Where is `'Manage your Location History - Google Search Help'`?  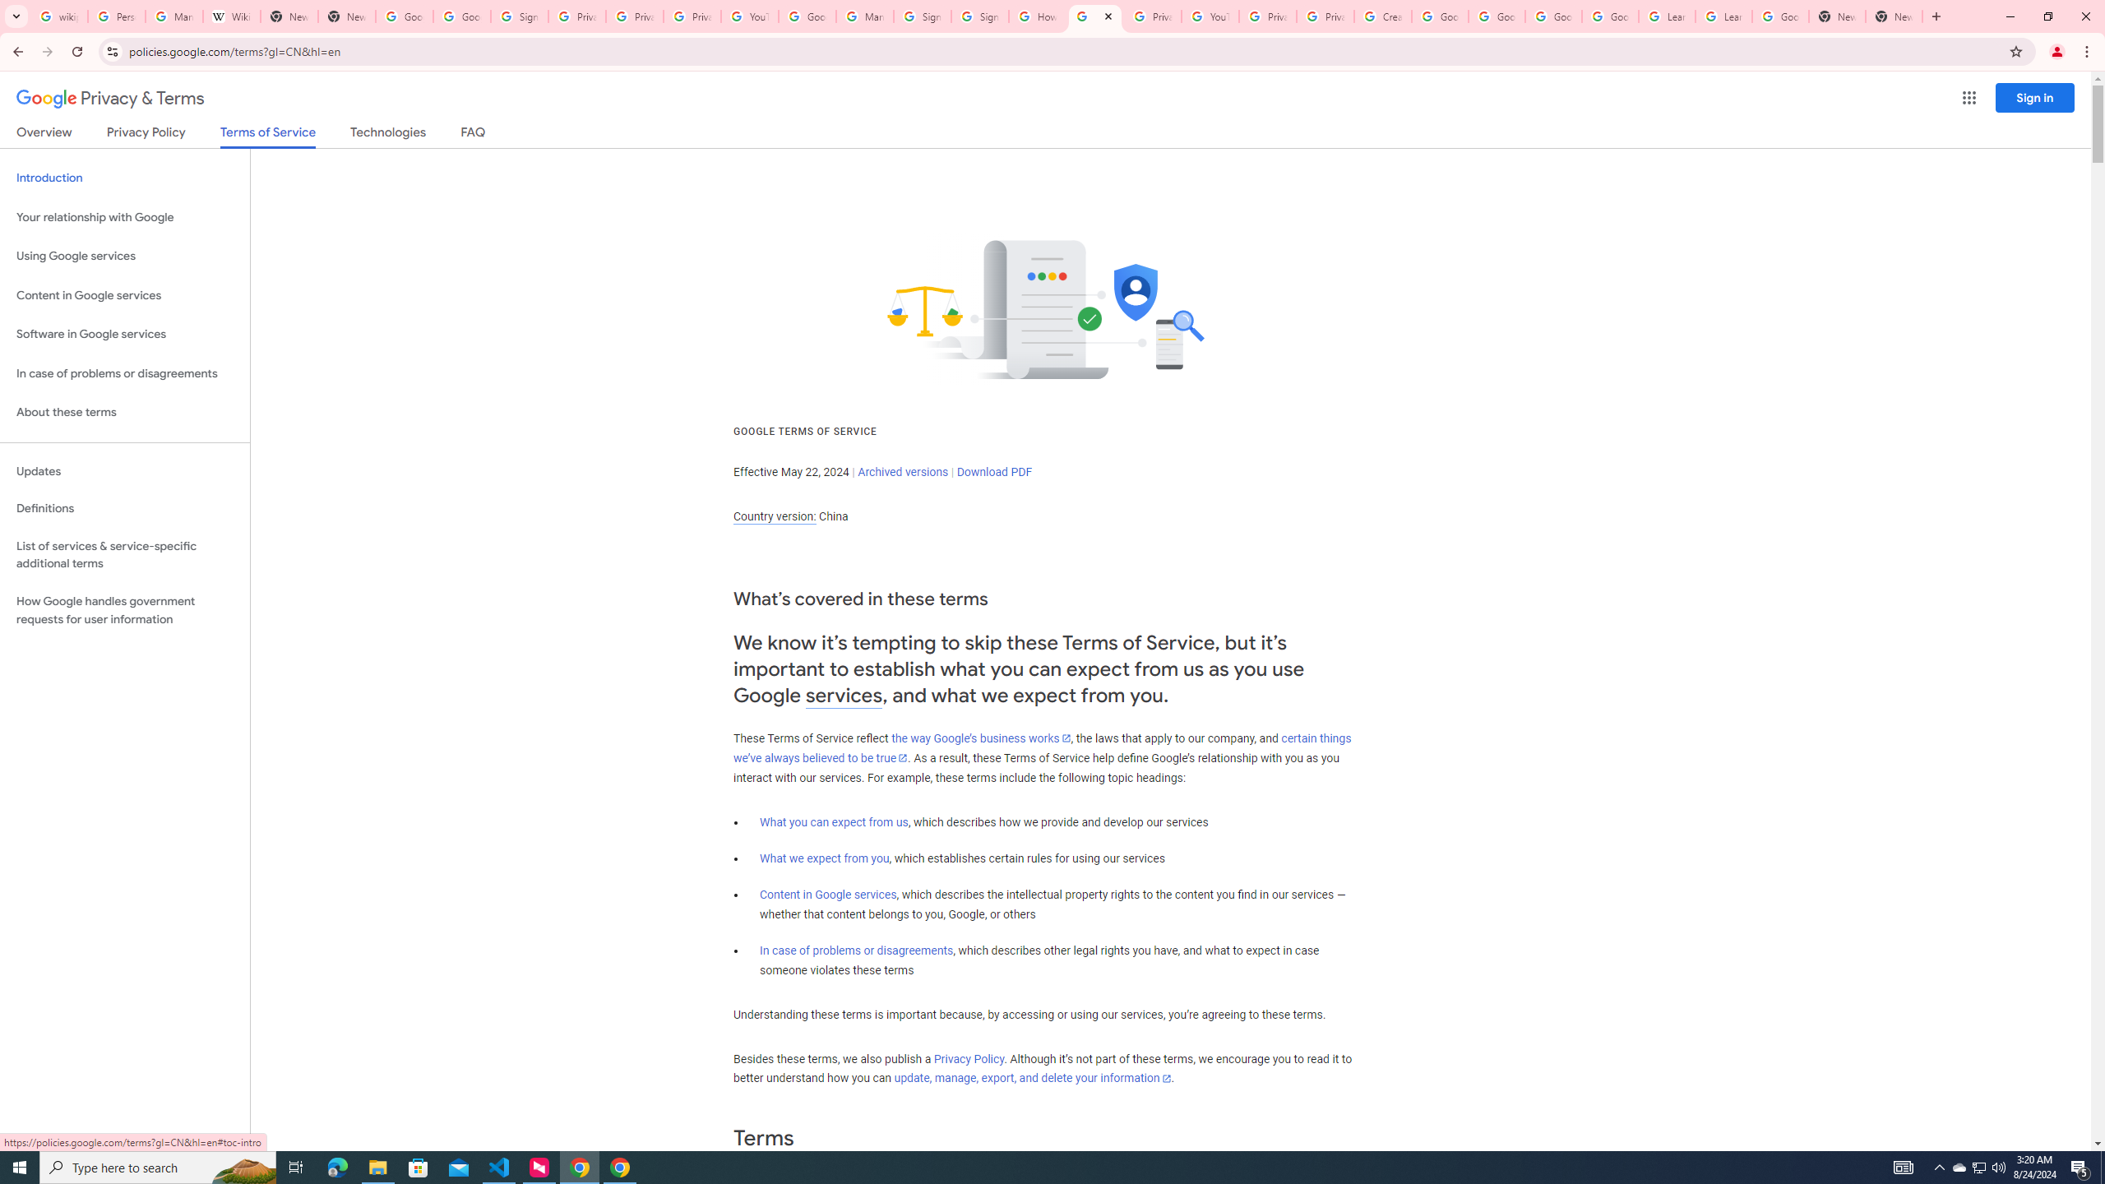
'Manage your Location History - Google Search Help' is located at coordinates (173, 16).